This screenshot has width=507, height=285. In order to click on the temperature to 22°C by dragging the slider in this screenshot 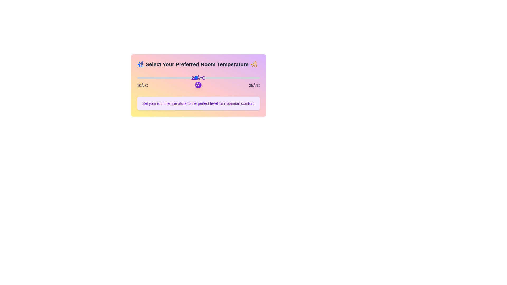, I will do `click(196, 78)`.